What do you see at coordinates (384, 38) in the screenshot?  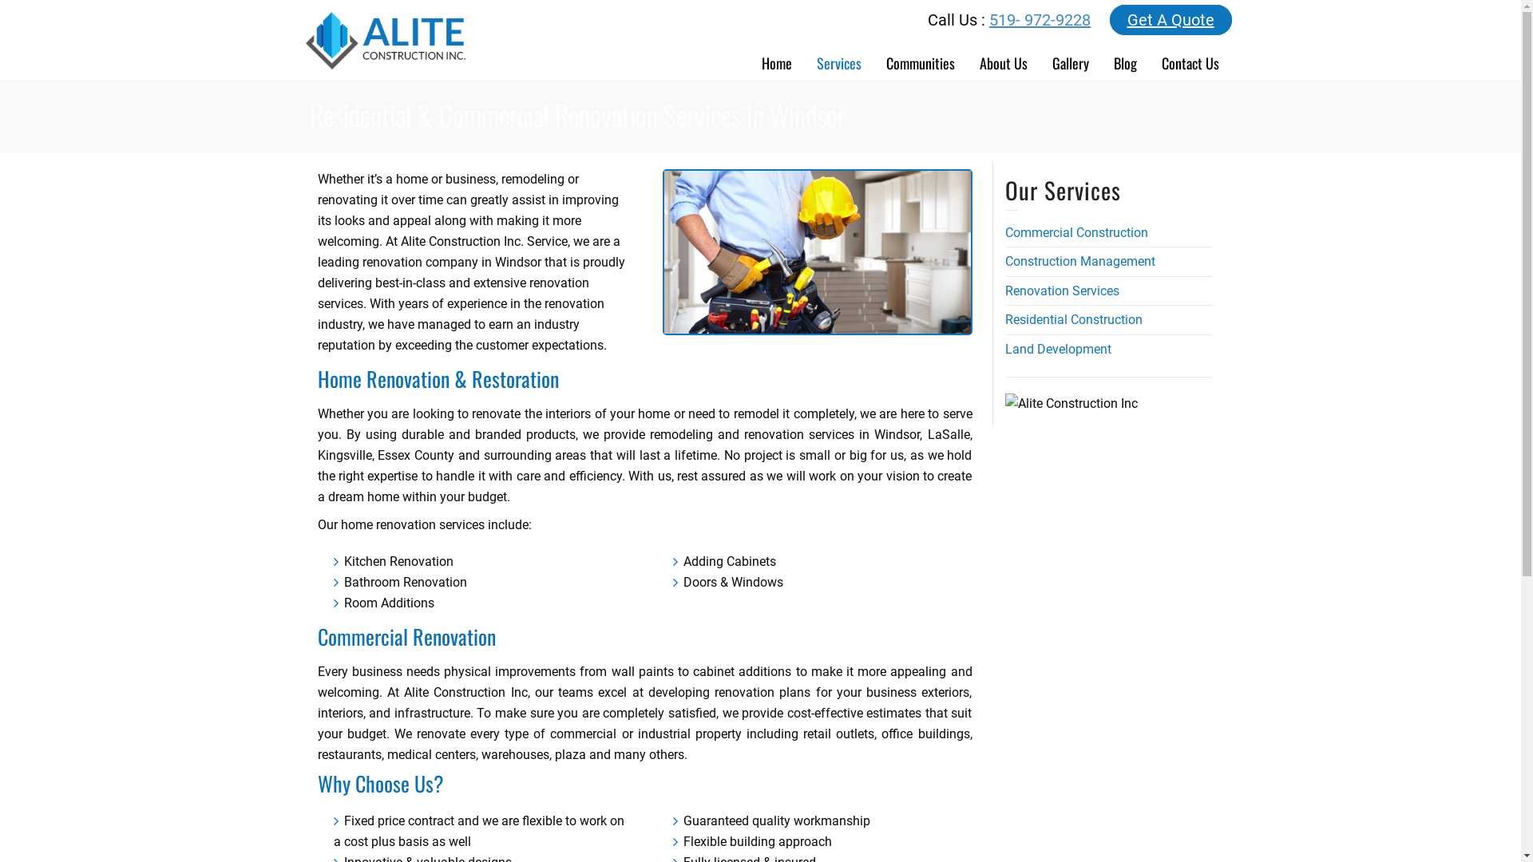 I see `'Alite Construction Inc.'` at bounding box center [384, 38].